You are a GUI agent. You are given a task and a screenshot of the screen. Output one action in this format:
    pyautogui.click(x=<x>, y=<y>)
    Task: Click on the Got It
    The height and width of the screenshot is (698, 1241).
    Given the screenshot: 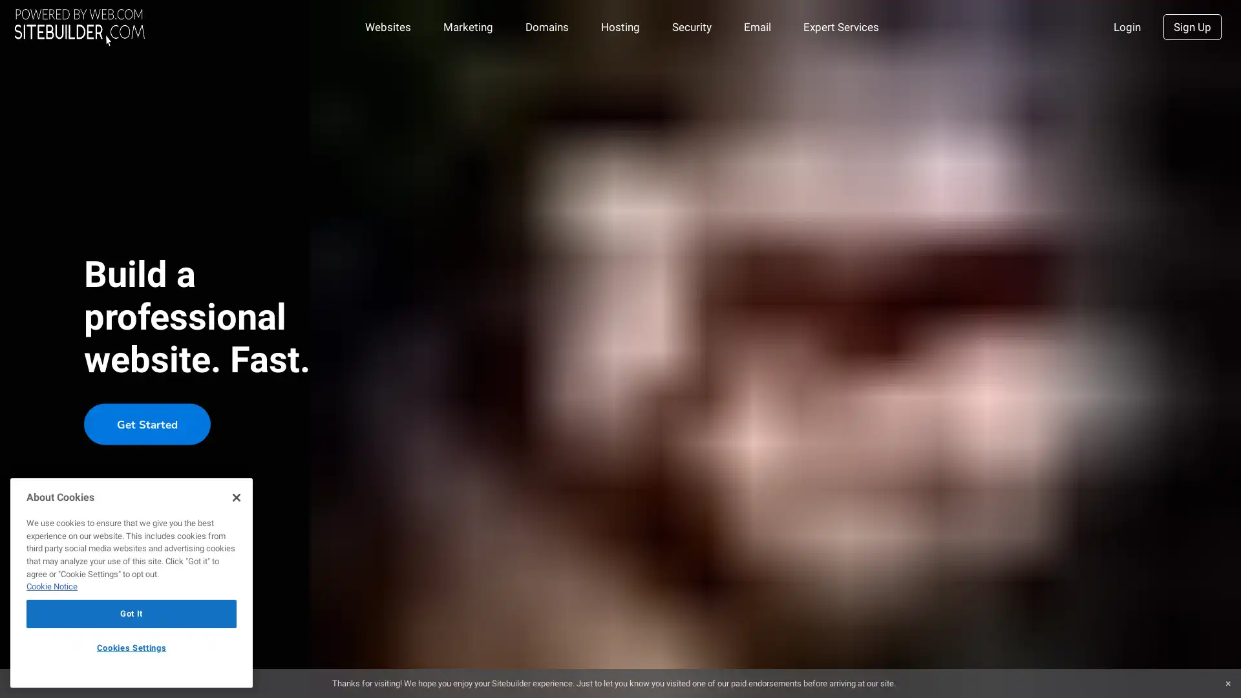 What is the action you would take?
    pyautogui.click(x=131, y=613)
    